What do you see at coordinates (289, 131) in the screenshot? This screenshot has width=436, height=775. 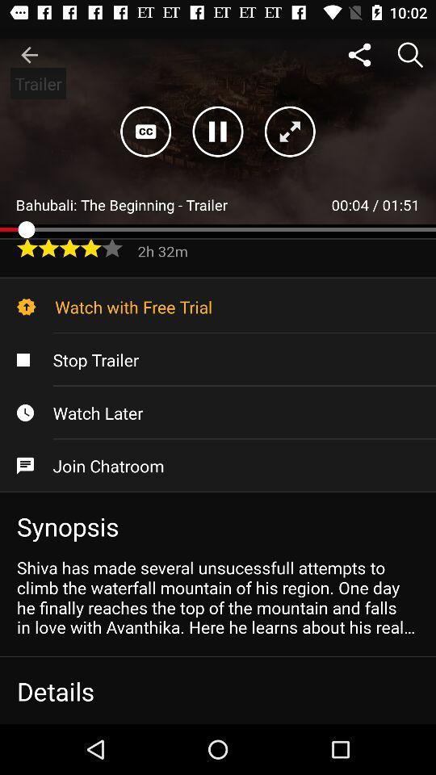 I see `the icon right to pause icon at the top of the page` at bounding box center [289, 131].